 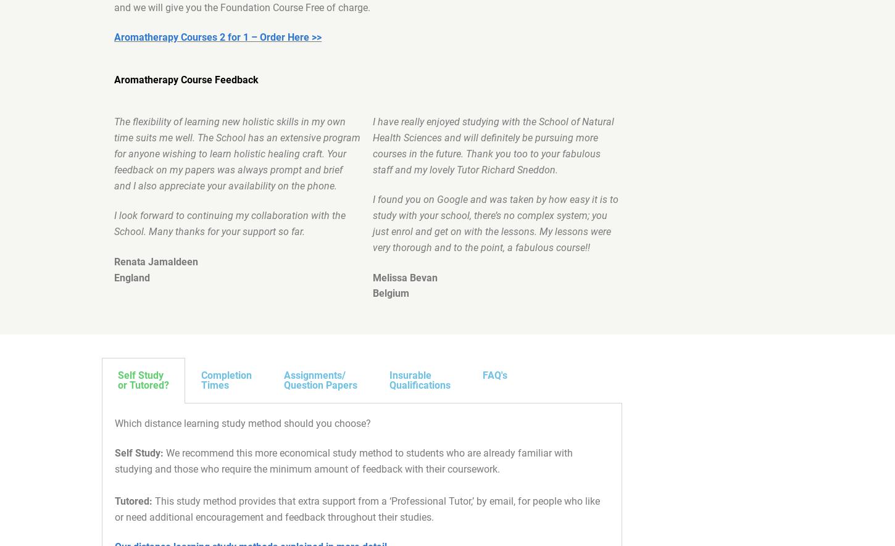 What do you see at coordinates (314, 374) in the screenshot?
I see `'Assignments/'` at bounding box center [314, 374].